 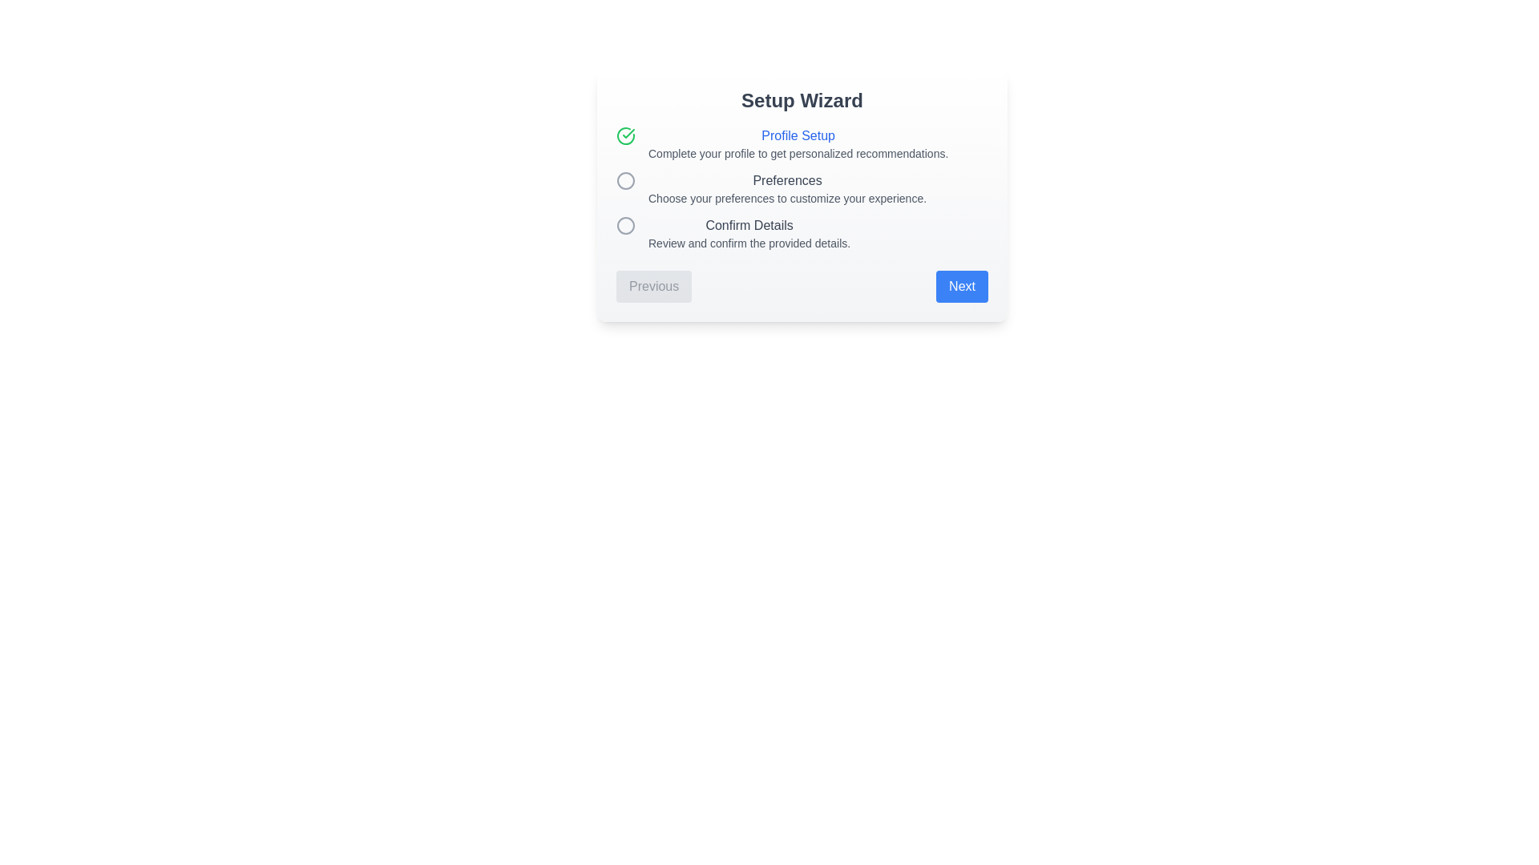 I want to click on the Next button to navigate the steps, so click(x=962, y=286).